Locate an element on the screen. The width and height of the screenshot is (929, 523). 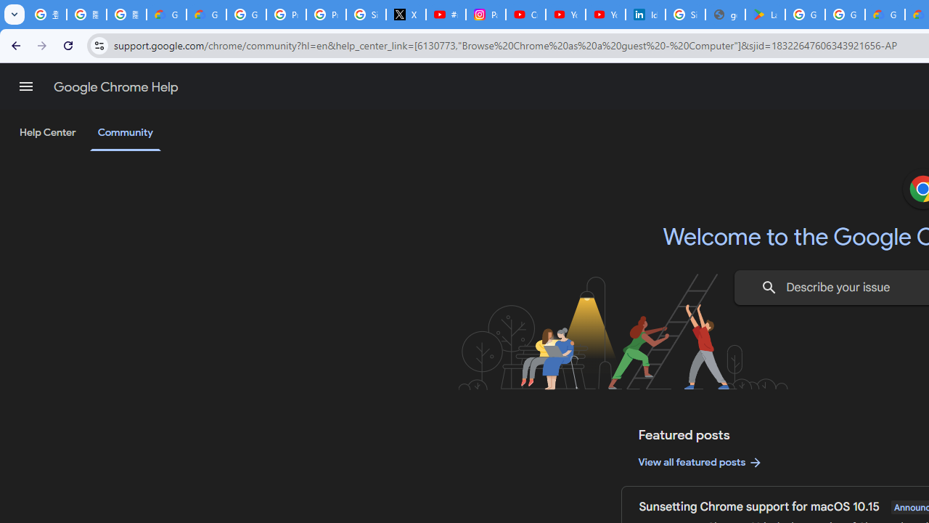
'Sign in - Google Accounts' is located at coordinates (684, 15).